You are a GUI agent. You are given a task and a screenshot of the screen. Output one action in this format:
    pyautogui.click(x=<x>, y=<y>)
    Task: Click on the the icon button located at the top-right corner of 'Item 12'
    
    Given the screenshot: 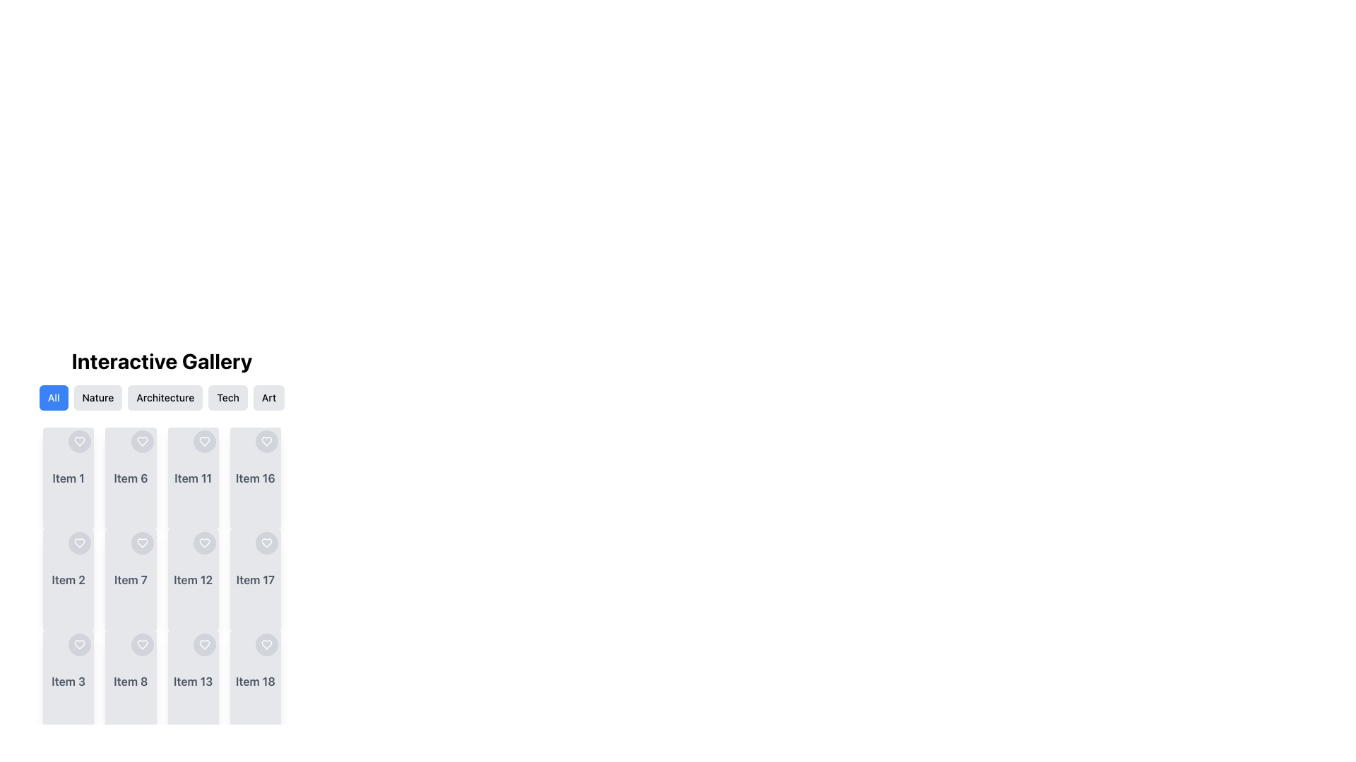 What is the action you would take?
    pyautogui.click(x=203, y=543)
    